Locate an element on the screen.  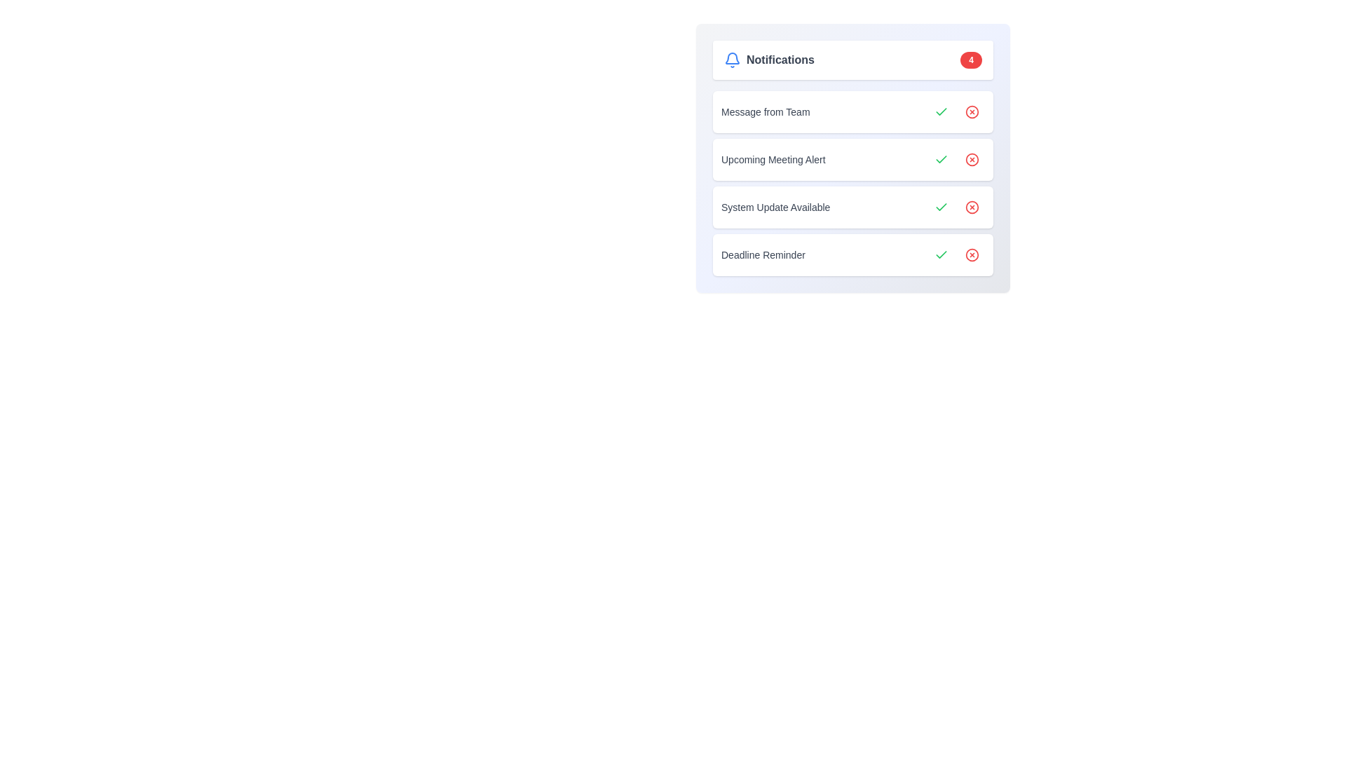
the green check mark icon located to the right of the 'Deadline Reminder' entry in the notification list is located at coordinates (941, 254).